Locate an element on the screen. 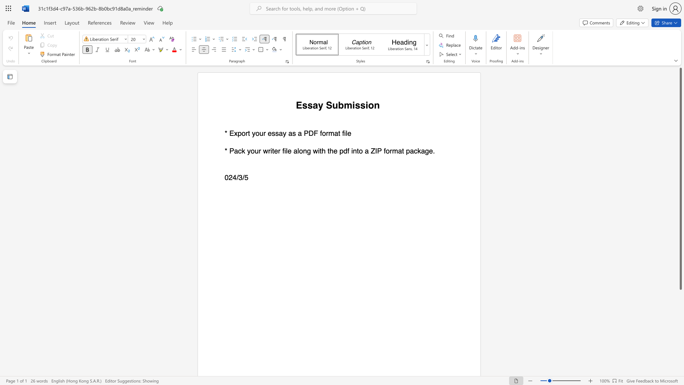 This screenshot has width=684, height=385. the 1th character "f" in the text is located at coordinates (321, 133).